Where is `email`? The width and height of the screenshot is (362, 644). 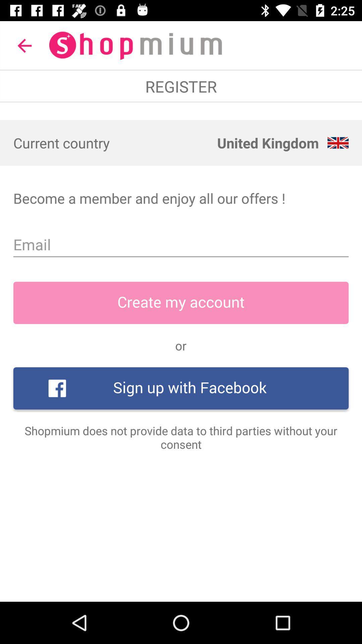 email is located at coordinates (181, 244).